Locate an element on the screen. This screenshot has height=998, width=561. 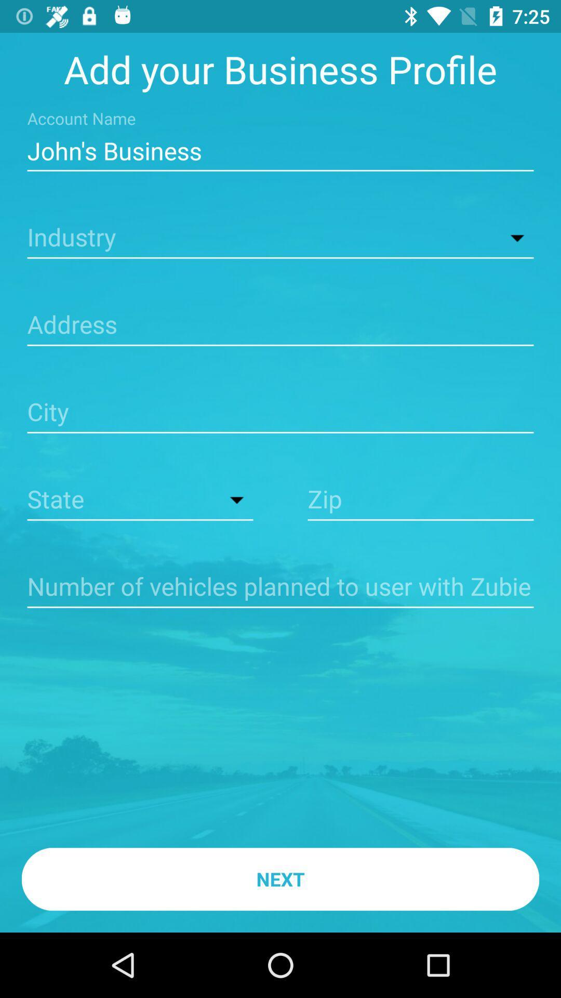
shows empty line is located at coordinates (280, 588).